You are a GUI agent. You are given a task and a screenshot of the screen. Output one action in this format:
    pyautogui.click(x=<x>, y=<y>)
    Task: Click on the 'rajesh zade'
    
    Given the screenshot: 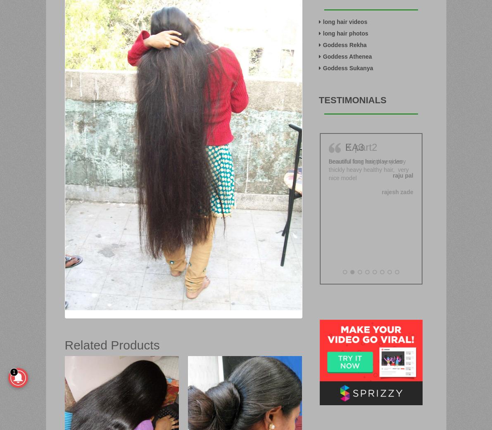 What is the action you would take?
    pyautogui.click(x=397, y=191)
    